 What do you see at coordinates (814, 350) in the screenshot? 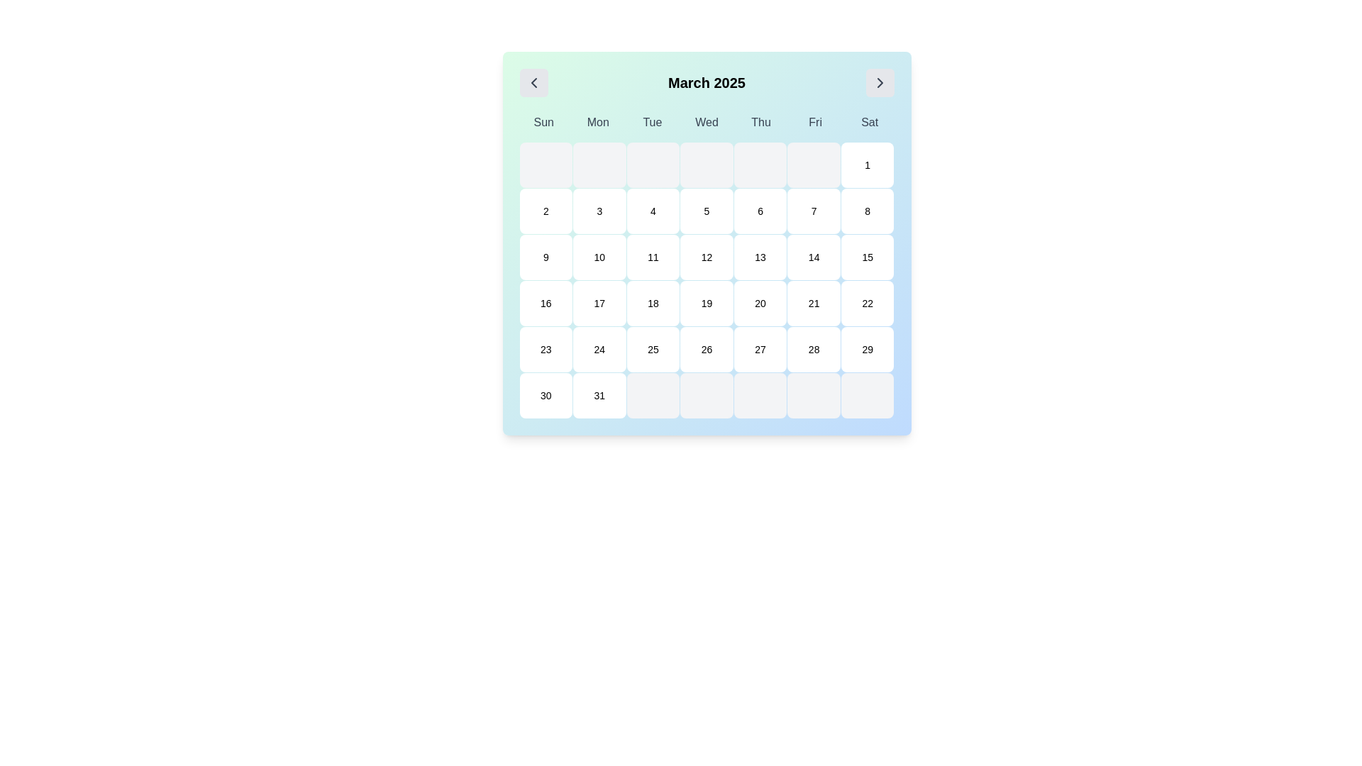
I see `the calendar day box representing the 28th day of March 2025` at bounding box center [814, 350].